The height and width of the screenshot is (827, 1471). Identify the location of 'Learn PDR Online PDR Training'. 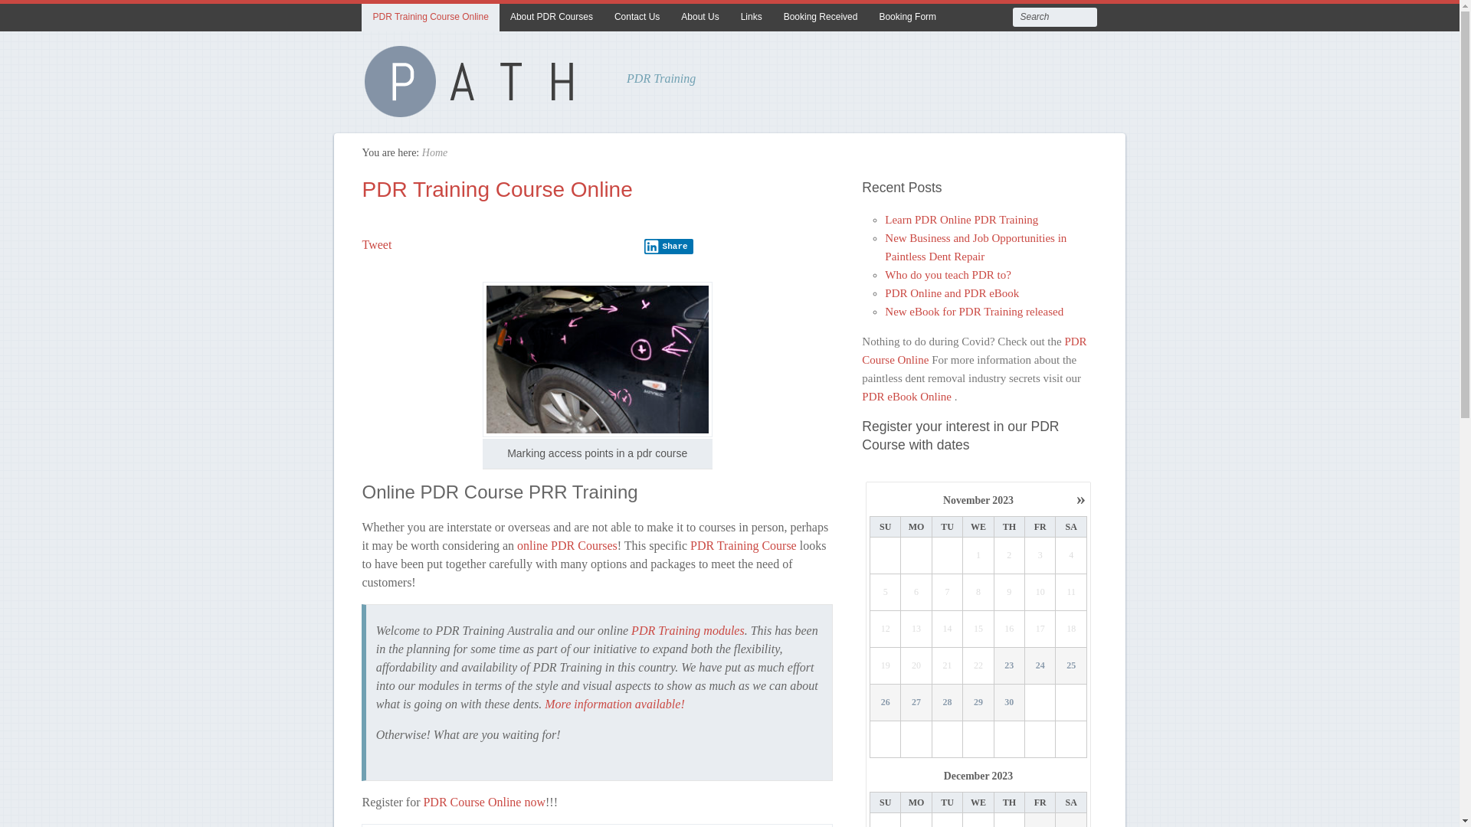
(960, 219).